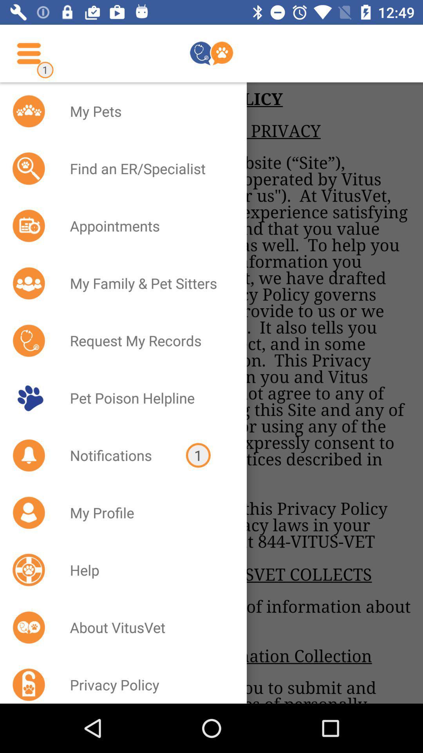  What do you see at coordinates (117, 455) in the screenshot?
I see `icon to the left of the 1 icon` at bounding box center [117, 455].